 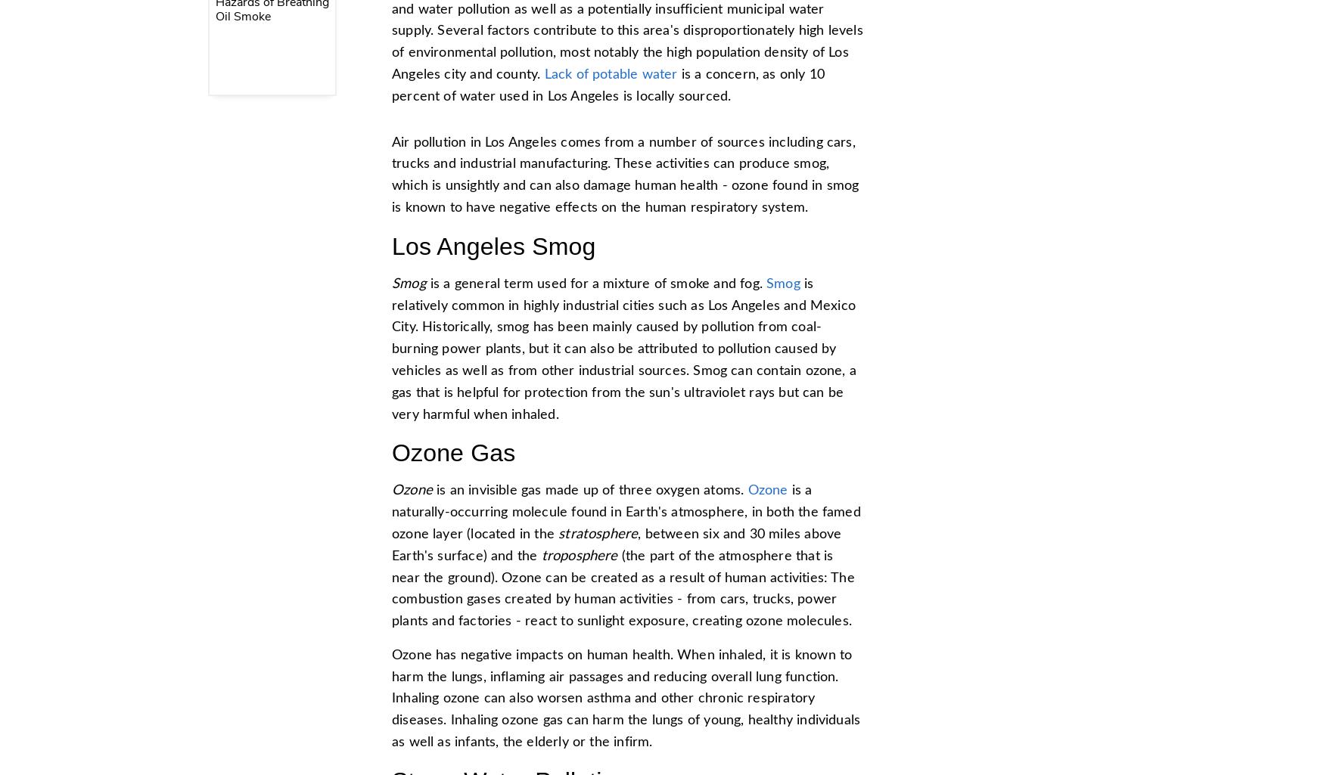 What do you see at coordinates (623, 348) in the screenshot?
I see `'is relatively common in highly industrial cities such as Los Angeles and Mexico City. Historically, smog has been mainly caused by pollution from coal-burning power plants, but it can also be attributed to pollution caused by vehicles as well as from other industrial sources. Smog can contain ozone, a gas that is helpful for protection from the sun's ultraviolet rays but can be very harmful when inhaled.'` at bounding box center [623, 348].